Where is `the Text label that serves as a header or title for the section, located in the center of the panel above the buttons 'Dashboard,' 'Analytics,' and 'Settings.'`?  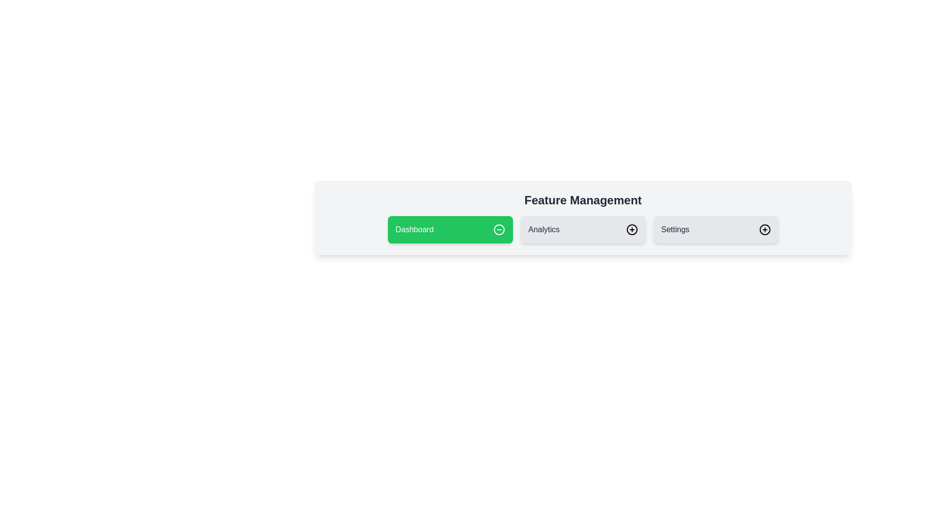 the Text label that serves as a header or title for the section, located in the center of the panel above the buttons 'Dashboard,' 'Analytics,' and 'Settings.' is located at coordinates (583, 199).